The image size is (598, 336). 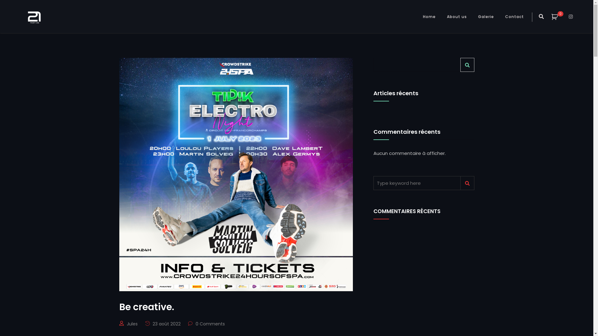 I want to click on 'Jules', so click(x=131, y=324).